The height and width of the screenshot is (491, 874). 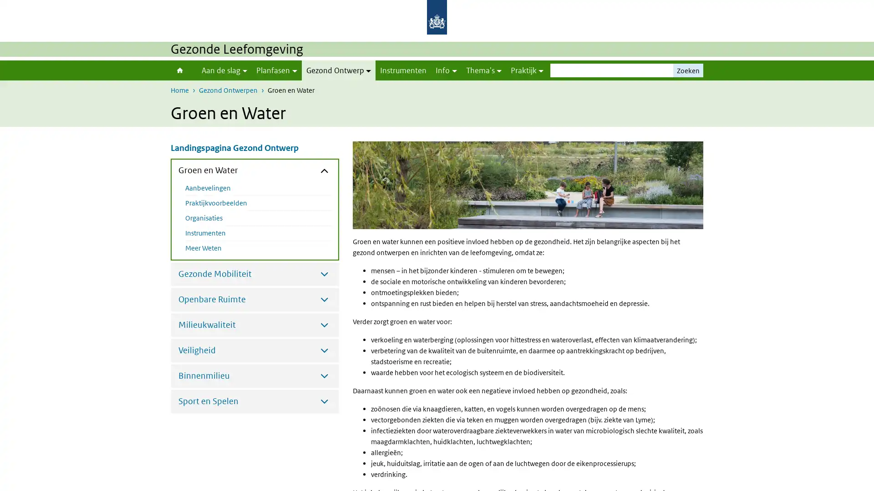 What do you see at coordinates (325, 273) in the screenshot?
I see `Submenu openen` at bounding box center [325, 273].